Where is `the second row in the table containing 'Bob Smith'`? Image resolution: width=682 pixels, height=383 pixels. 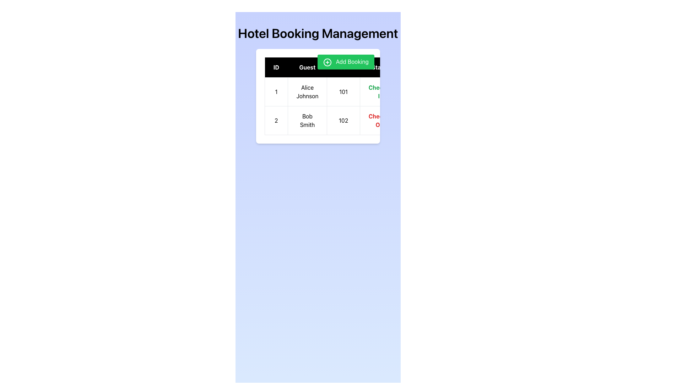 the second row in the table containing 'Bob Smith' is located at coordinates (353, 120).